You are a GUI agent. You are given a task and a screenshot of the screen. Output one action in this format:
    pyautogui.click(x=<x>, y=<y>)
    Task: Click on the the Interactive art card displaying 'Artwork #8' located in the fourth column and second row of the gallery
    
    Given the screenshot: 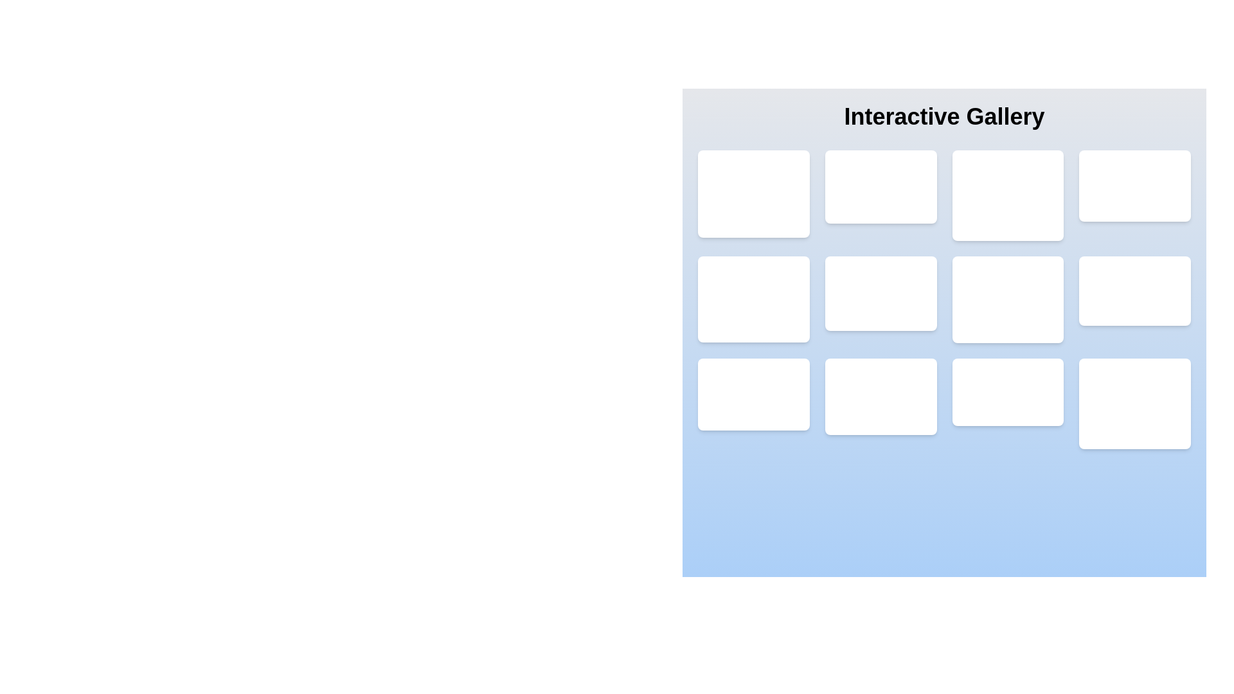 What is the action you would take?
    pyautogui.click(x=1135, y=291)
    